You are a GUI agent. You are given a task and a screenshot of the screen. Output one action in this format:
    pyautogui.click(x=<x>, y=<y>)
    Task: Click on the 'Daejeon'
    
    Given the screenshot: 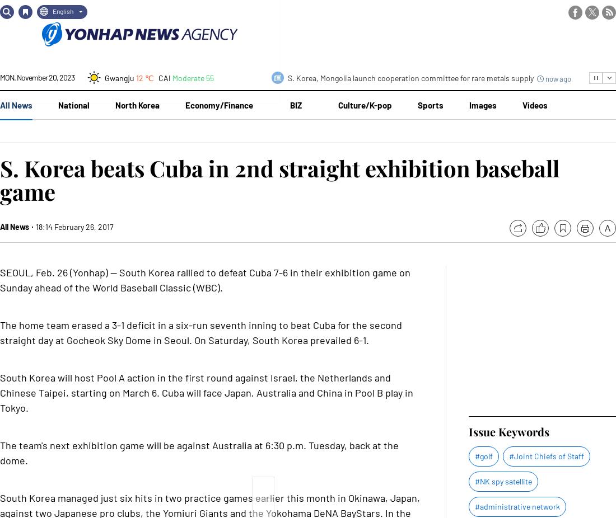 What is the action you would take?
    pyautogui.click(x=104, y=97)
    